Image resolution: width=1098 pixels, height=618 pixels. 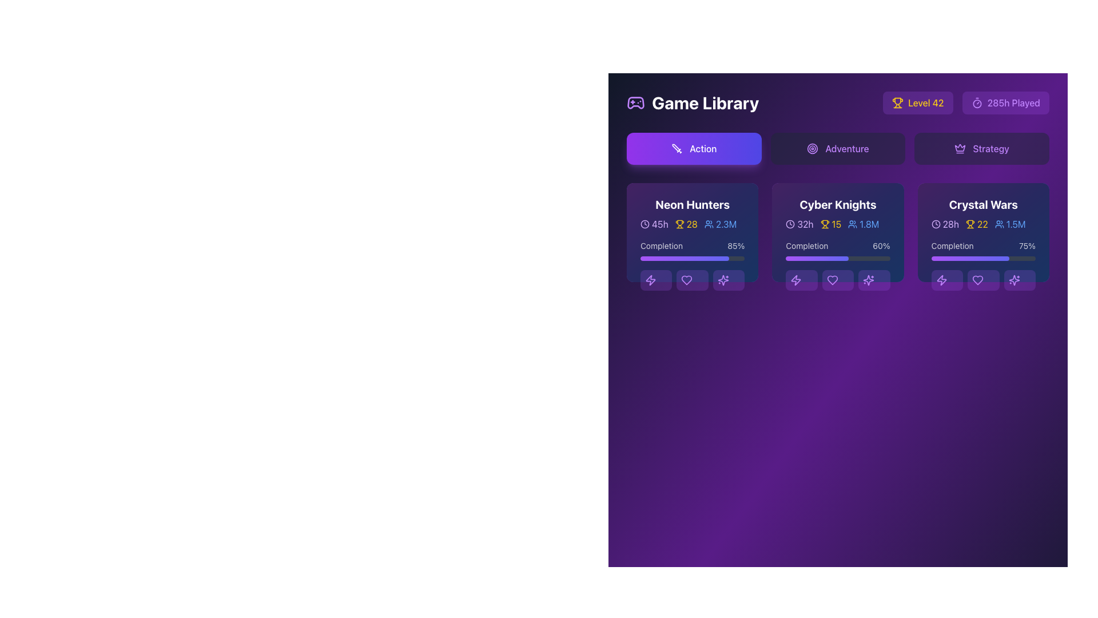 I want to click on the crown-shaped icon in the header section, which is rendered in purple and located next to the 'Level 42' text, so click(x=960, y=147).